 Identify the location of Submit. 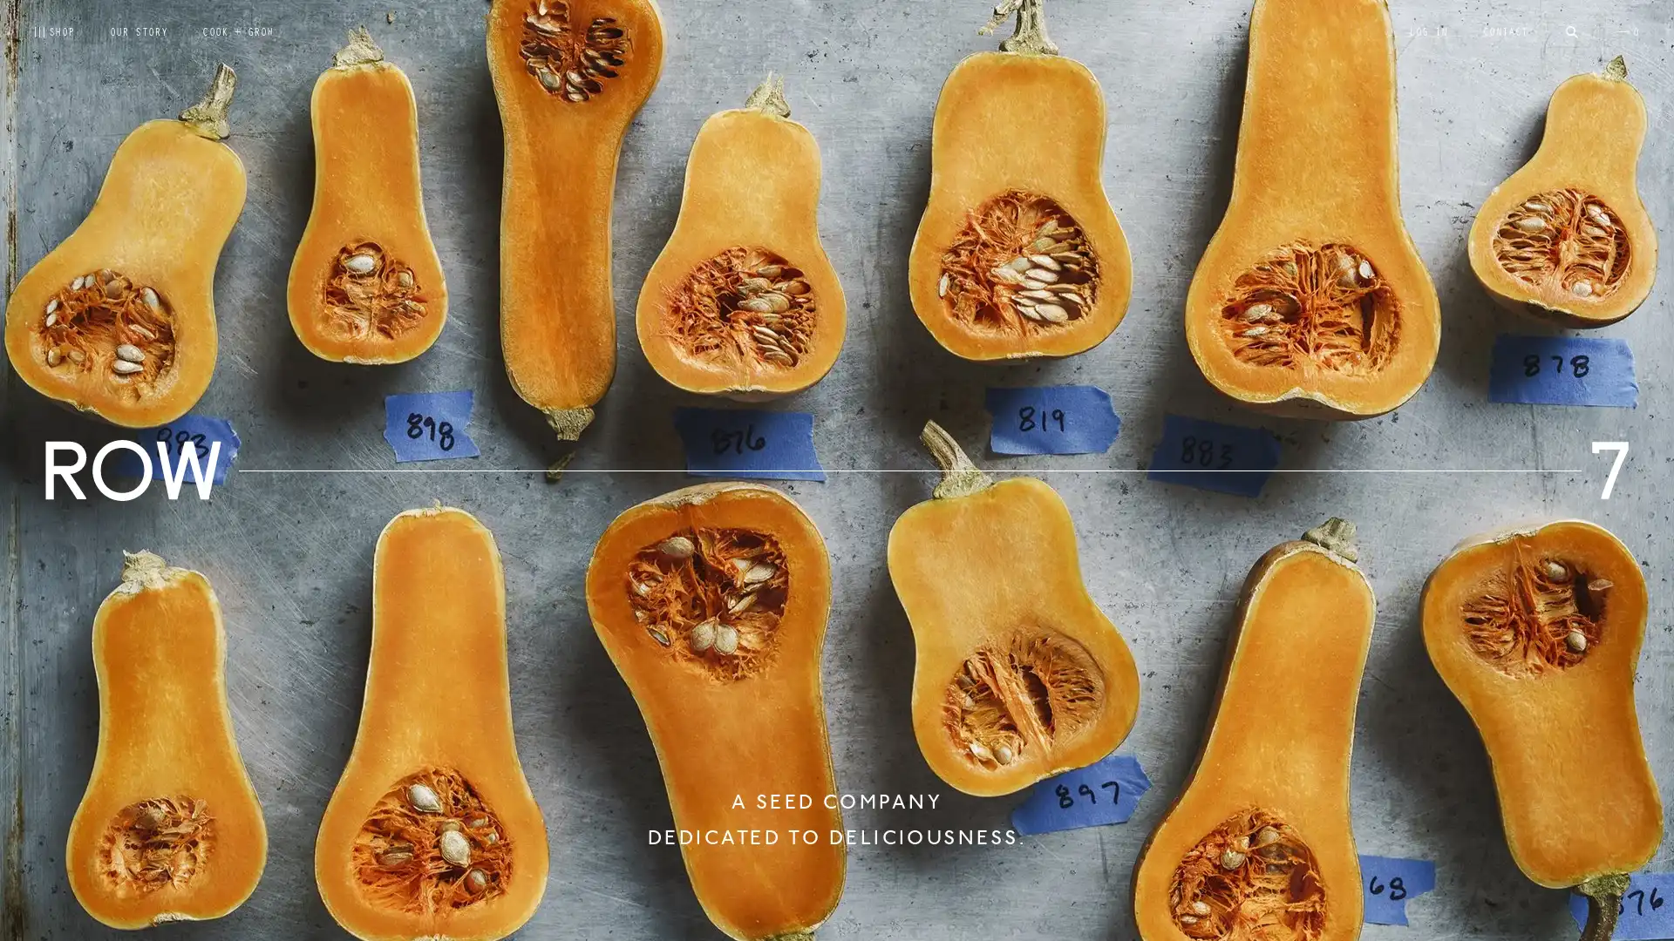
(37, 30).